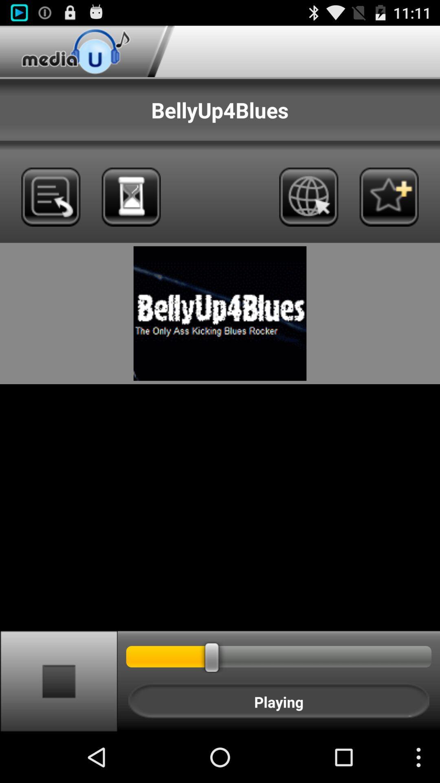  I want to click on count down option clock radio, so click(131, 197).